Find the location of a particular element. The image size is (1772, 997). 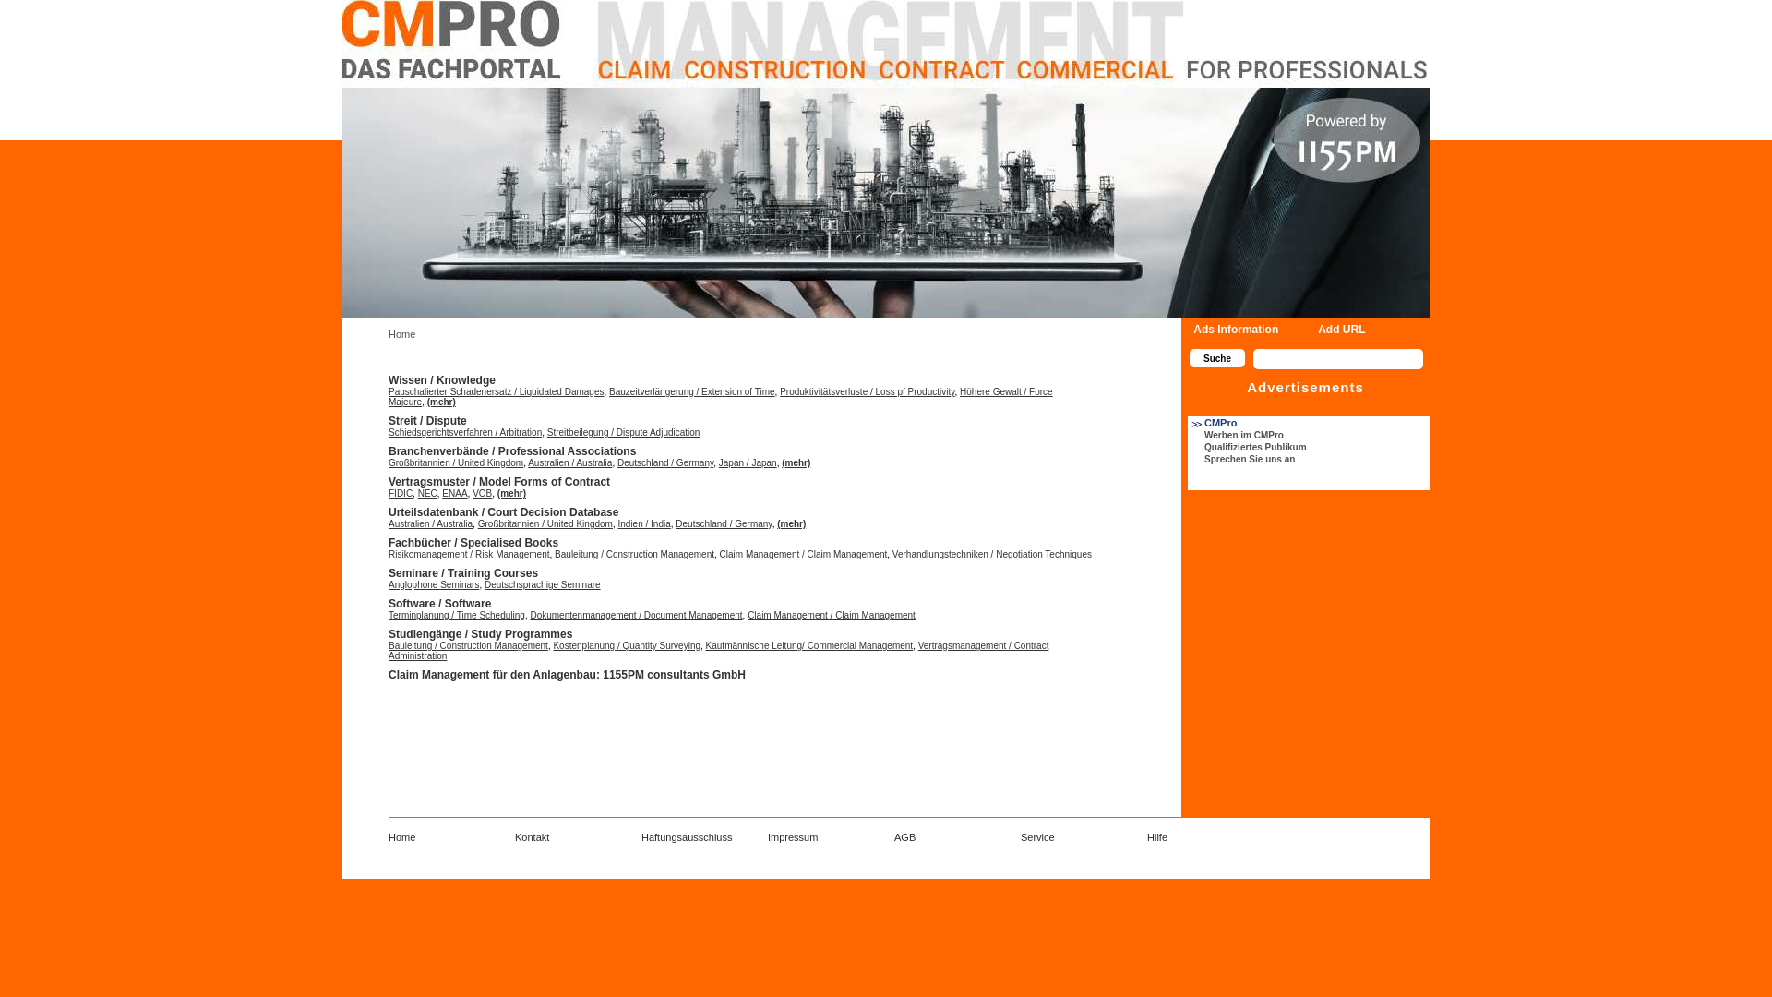

'Dokumentenmanagement / Document Management' is located at coordinates (529, 615).